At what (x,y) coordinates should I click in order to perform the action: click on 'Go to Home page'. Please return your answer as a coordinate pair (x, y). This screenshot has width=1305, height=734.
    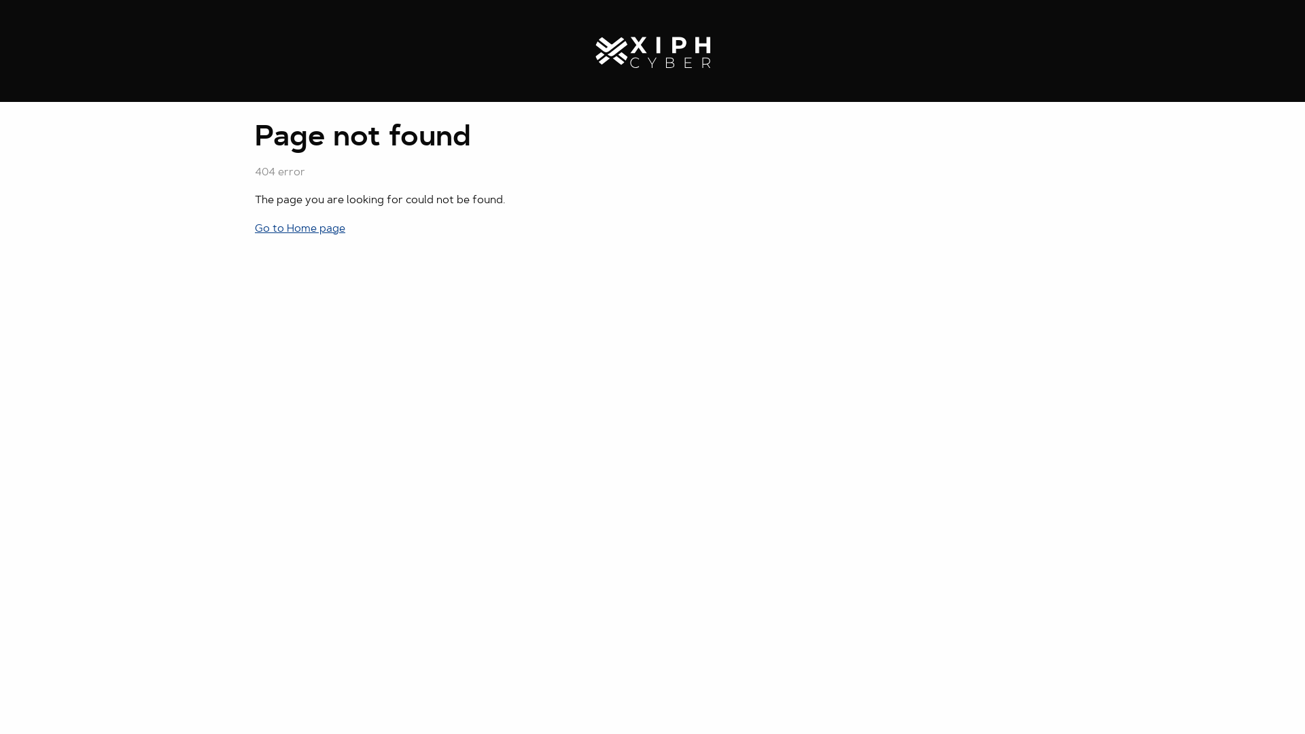
    Looking at the image, I should click on (254, 228).